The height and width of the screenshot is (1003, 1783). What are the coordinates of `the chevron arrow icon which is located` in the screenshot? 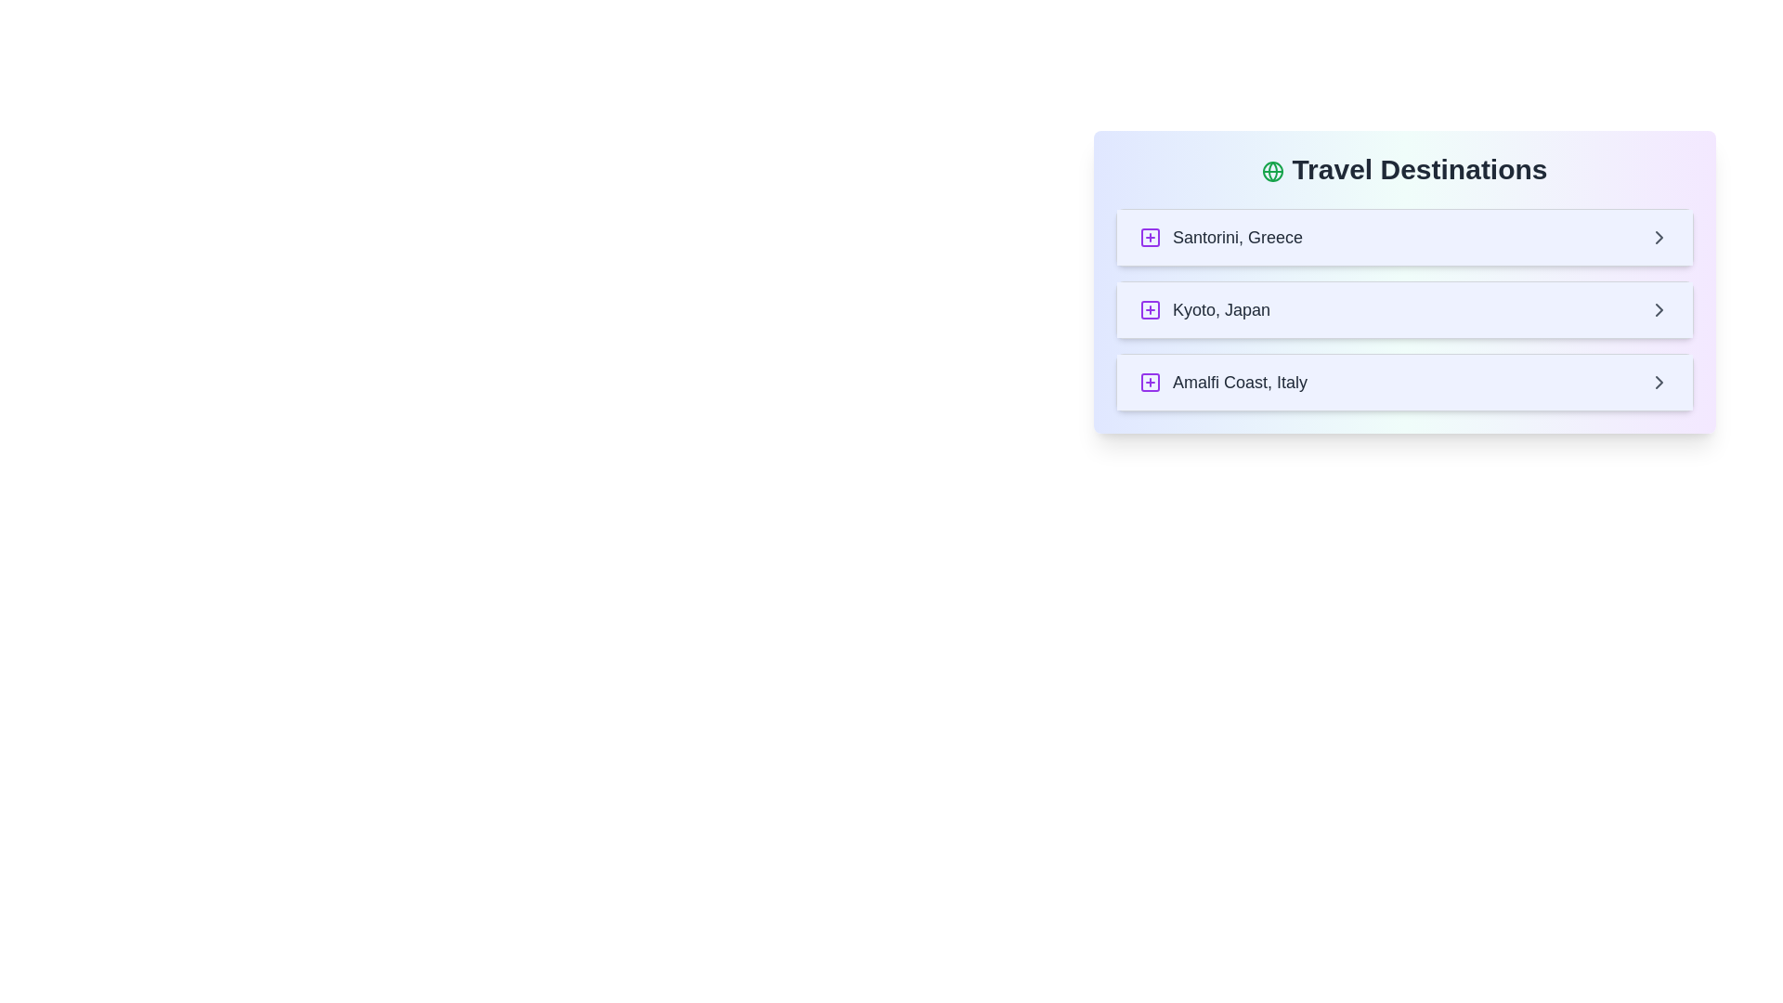 It's located at (1659, 309).